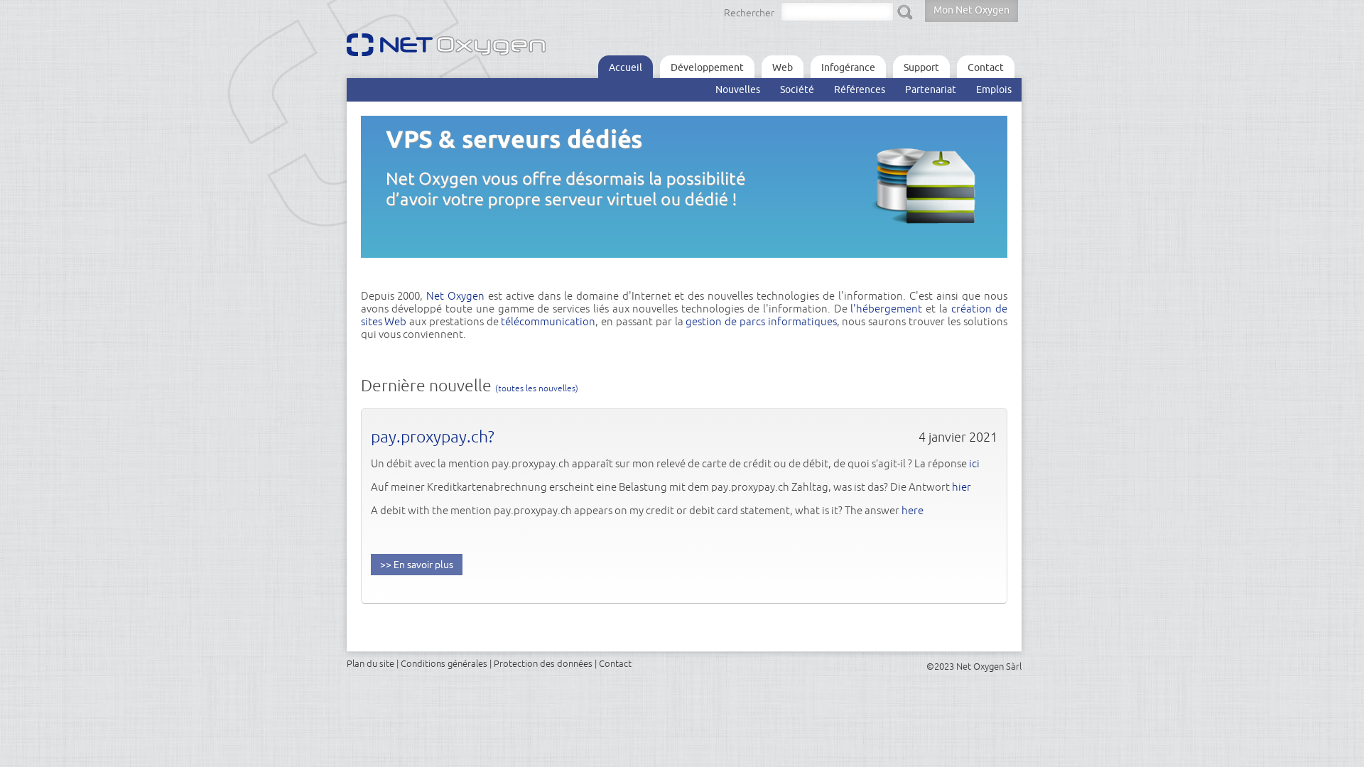 The width and height of the screenshot is (1364, 767). Describe the element at coordinates (371, 435) in the screenshot. I see `'pay.proxypay.ch?'` at that location.